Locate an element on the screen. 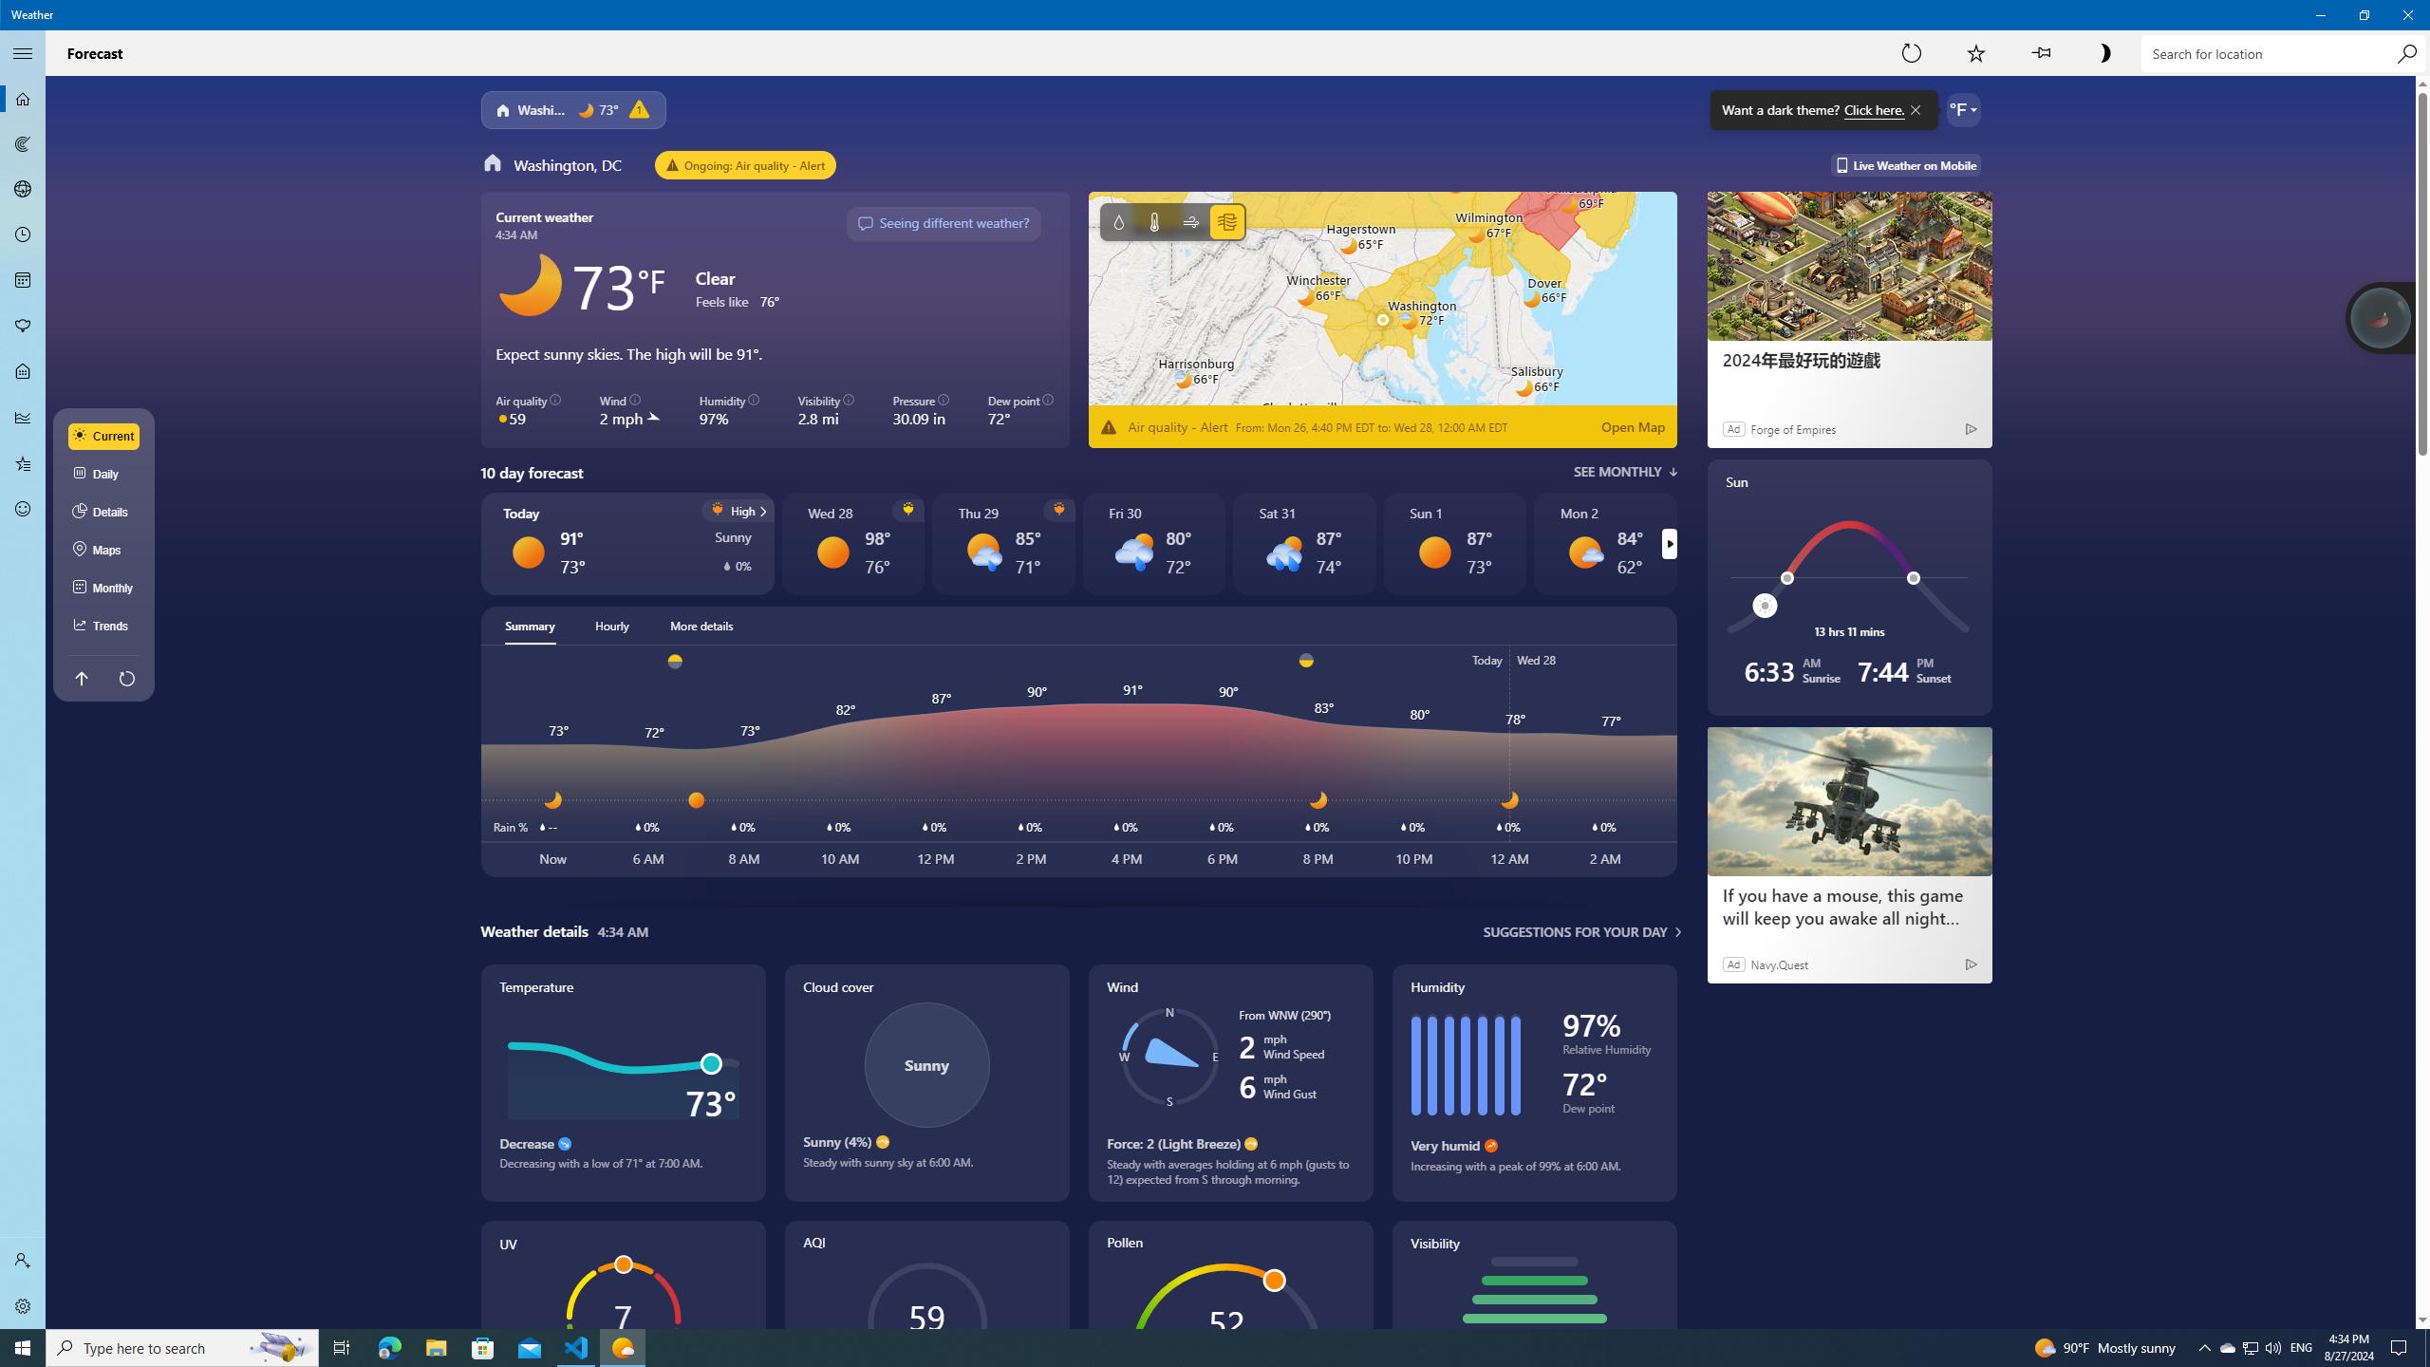  'Pin' is located at coordinates (2040, 52).